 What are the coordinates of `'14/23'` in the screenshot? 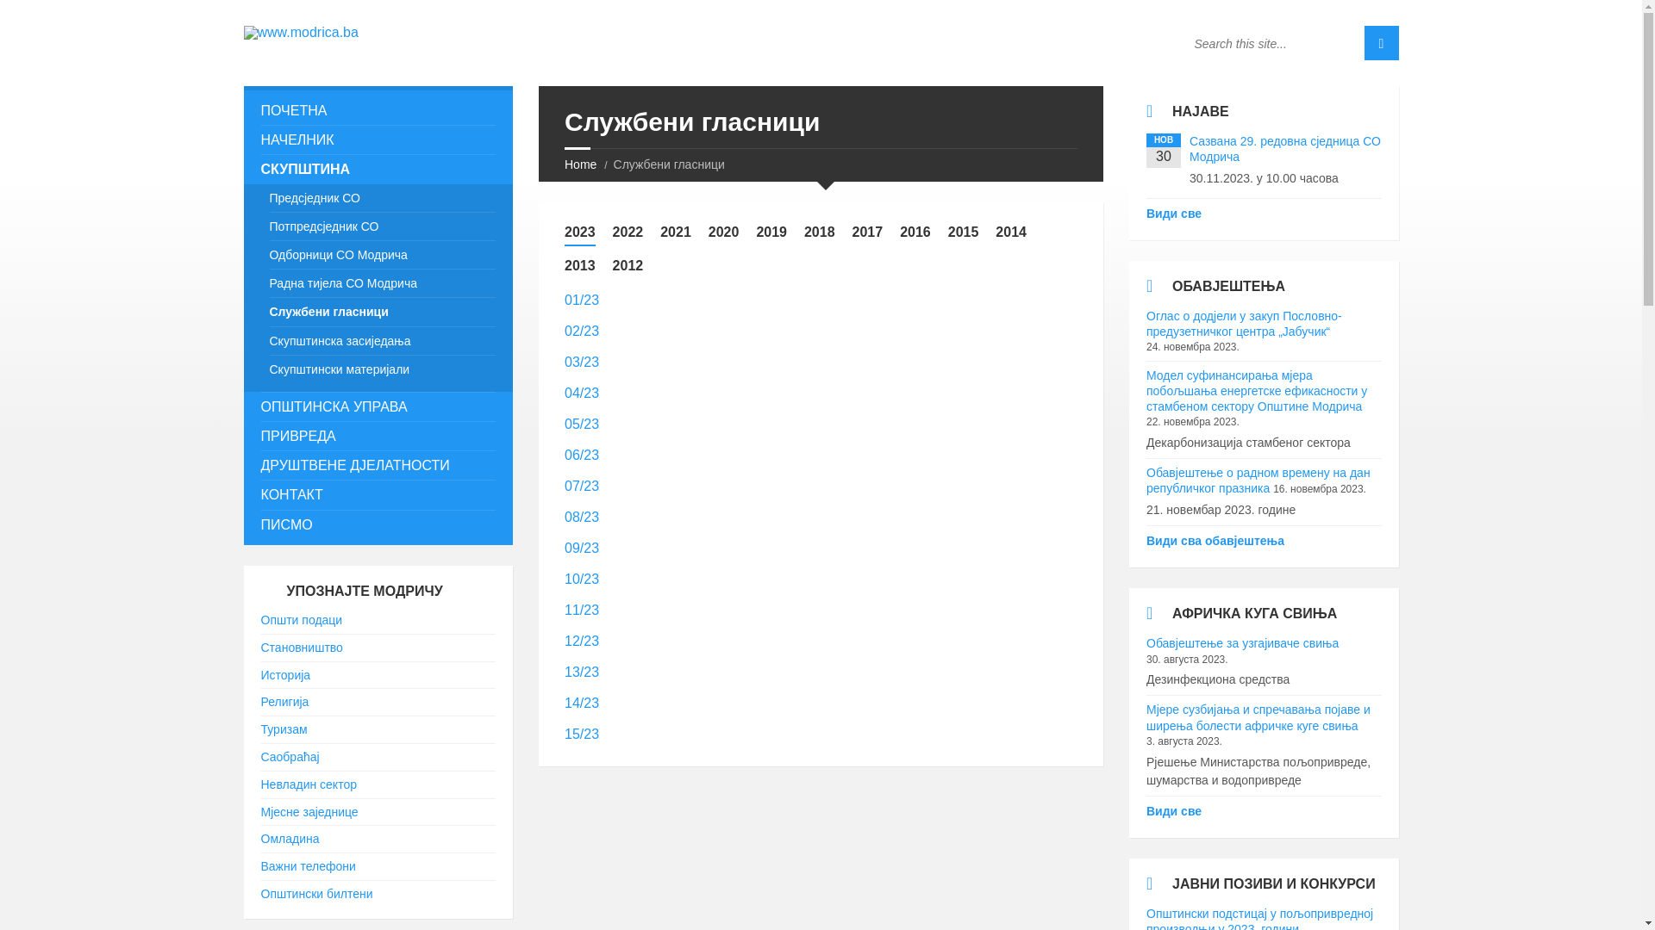 It's located at (582, 703).